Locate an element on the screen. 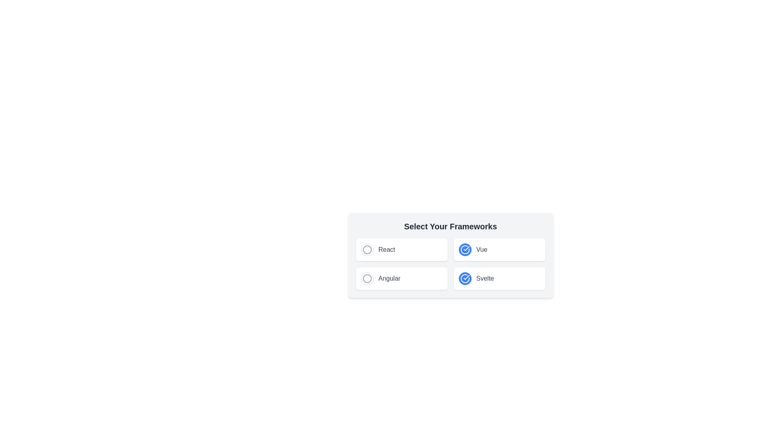 The image size is (770, 433). the vector graphic checkmark icon within a circular icon located at the bottom right of the 'Vue' button in the 'Select Your Frameworks' interface is located at coordinates (466, 277).